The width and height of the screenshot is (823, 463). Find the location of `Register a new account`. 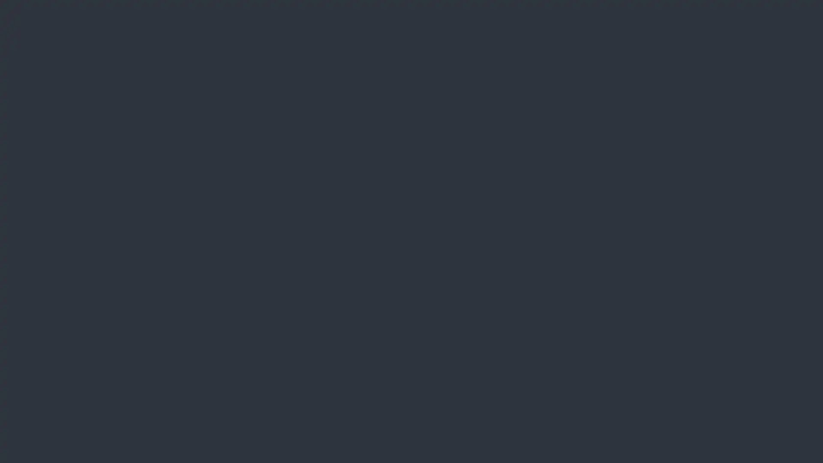

Register a new account is located at coordinates (411, 285).